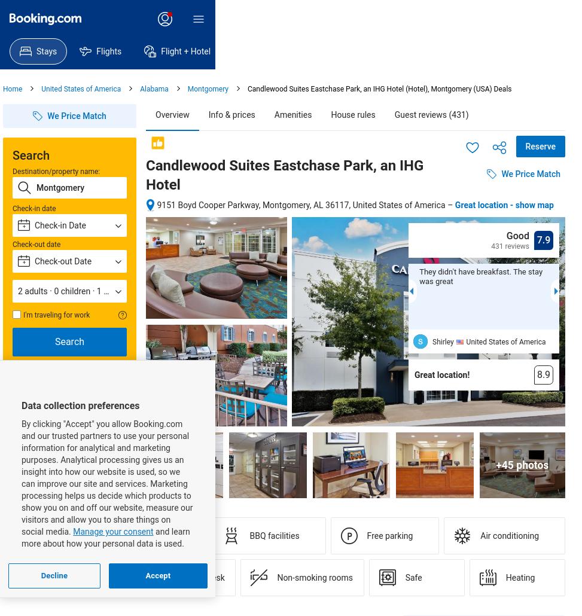 This screenshot has width=582, height=616. What do you see at coordinates (23, 315) in the screenshot?
I see `'I'm traveling for work'` at bounding box center [23, 315].